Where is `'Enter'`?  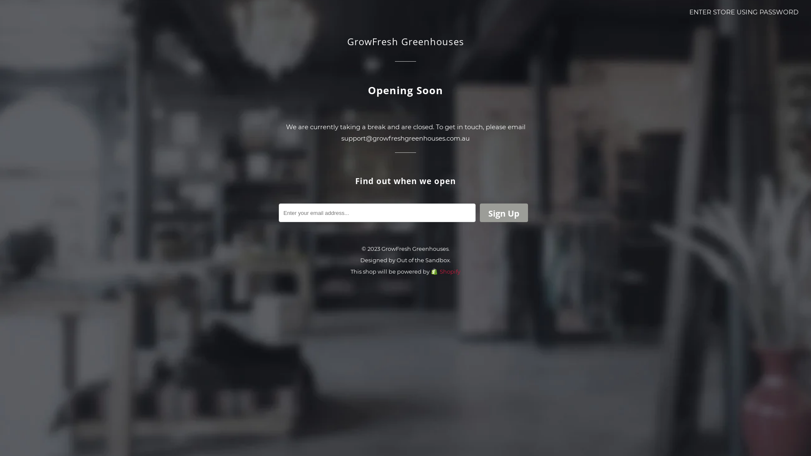
'Enter' is located at coordinates (405, 235).